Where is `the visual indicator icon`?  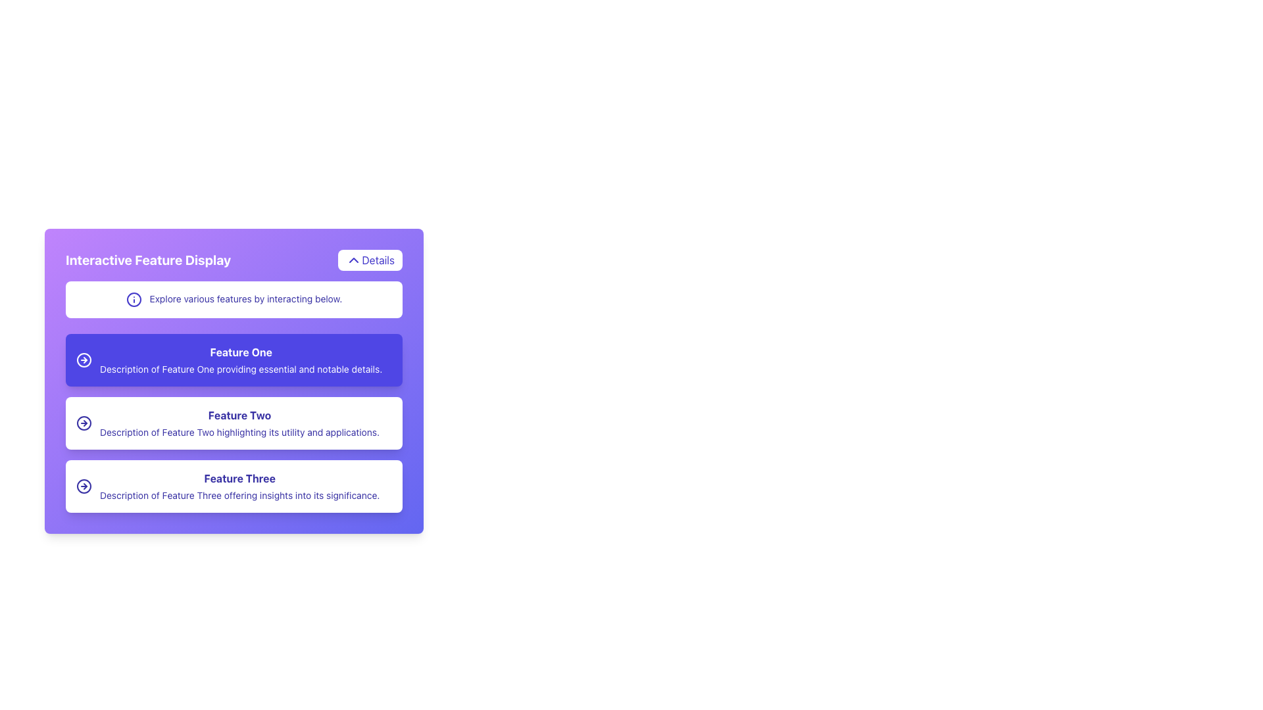
the visual indicator icon is located at coordinates (354, 260).